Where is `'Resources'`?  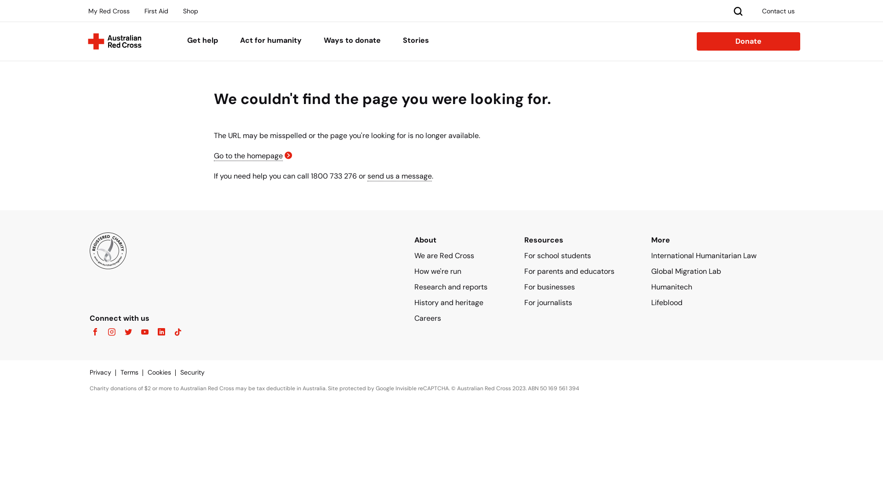 'Resources' is located at coordinates (544, 239).